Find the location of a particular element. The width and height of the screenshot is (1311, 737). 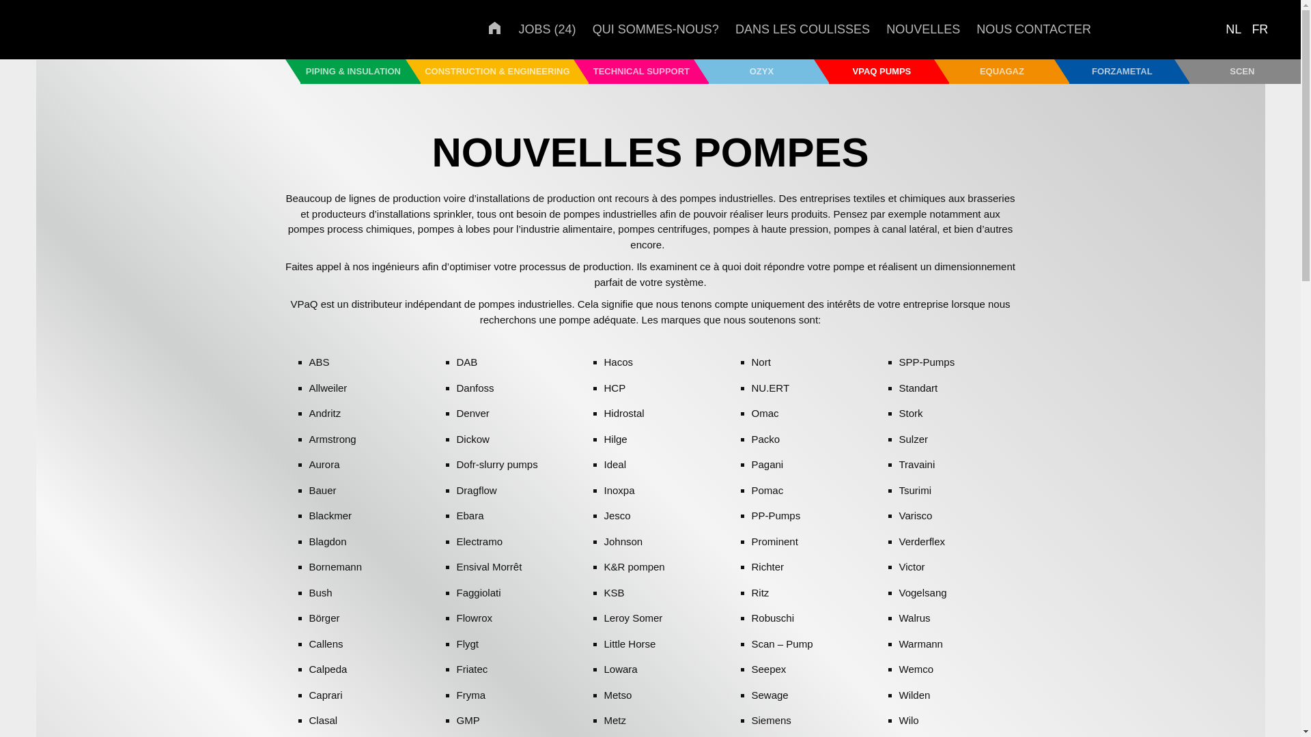

'ACCUEIL' is located at coordinates (488, 29).